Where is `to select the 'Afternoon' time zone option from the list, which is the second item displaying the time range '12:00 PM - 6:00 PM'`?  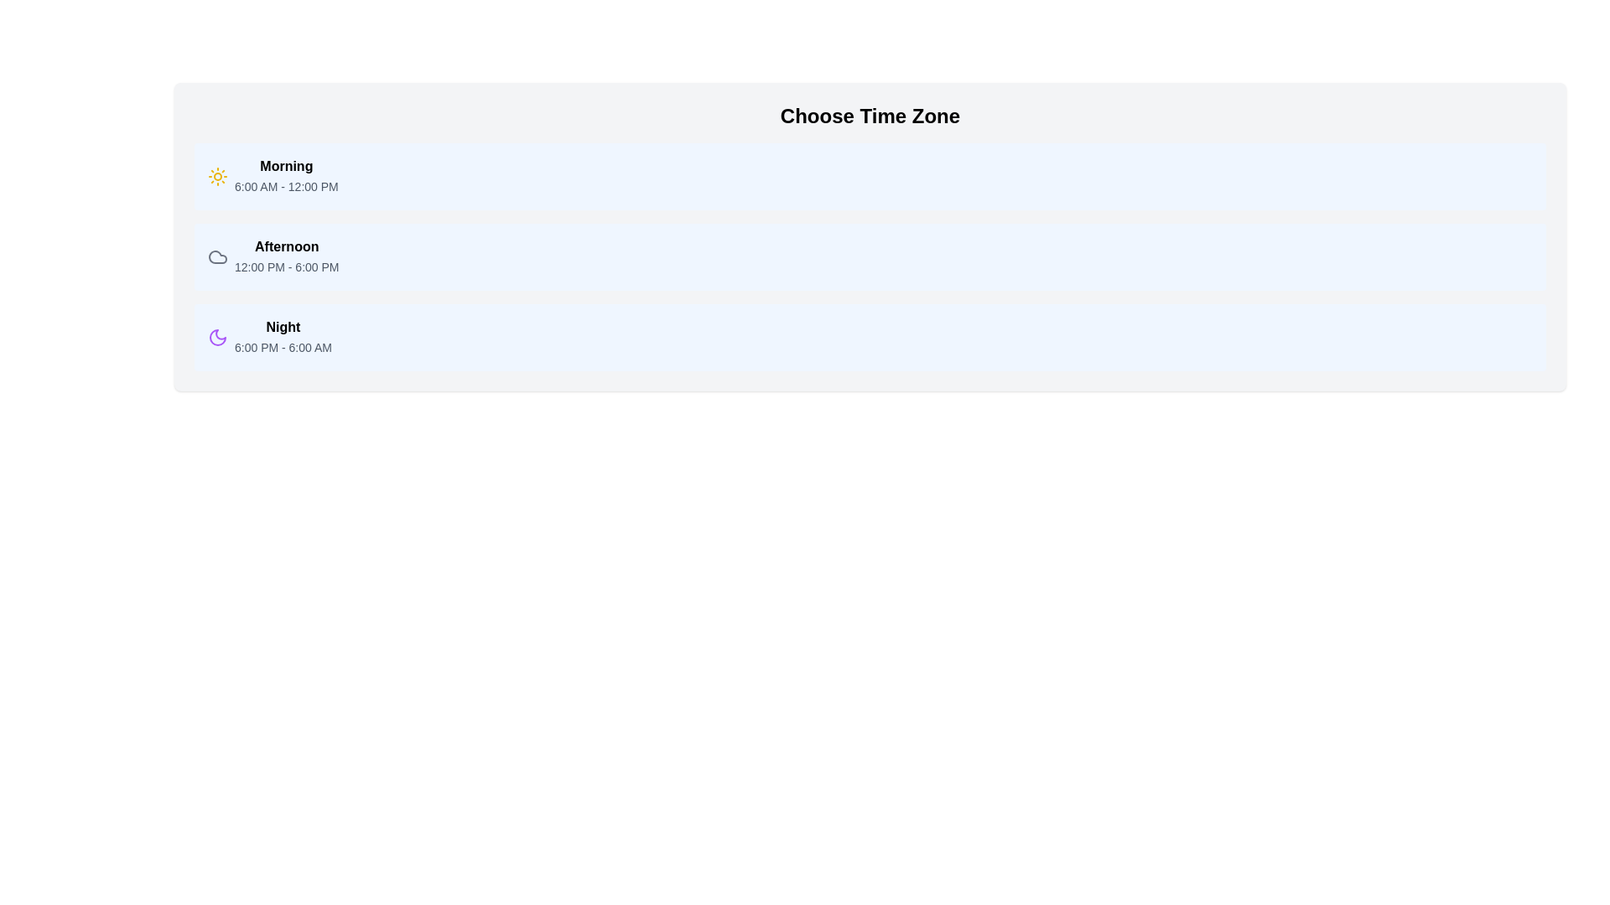
to select the 'Afternoon' time zone option from the list, which is the second item displaying the time range '12:00 PM - 6:00 PM' is located at coordinates (286, 257).